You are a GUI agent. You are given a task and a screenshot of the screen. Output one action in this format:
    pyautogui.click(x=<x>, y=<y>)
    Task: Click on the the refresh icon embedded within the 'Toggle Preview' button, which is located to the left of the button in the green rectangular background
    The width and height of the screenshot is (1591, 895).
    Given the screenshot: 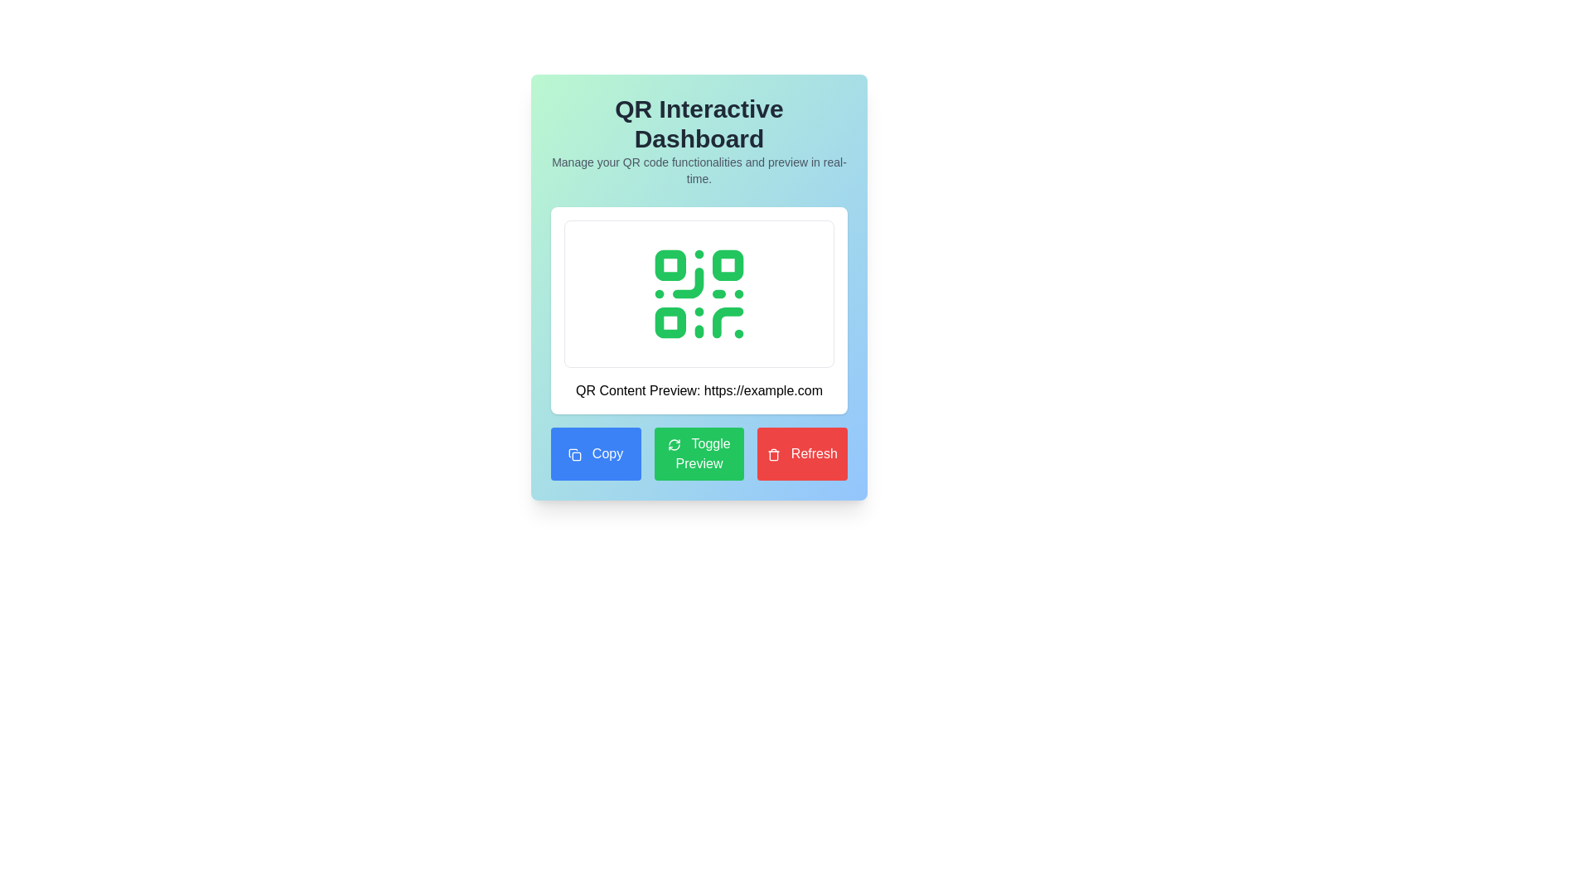 What is the action you would take?
    pyautogui.click(x=675, y=443)
    